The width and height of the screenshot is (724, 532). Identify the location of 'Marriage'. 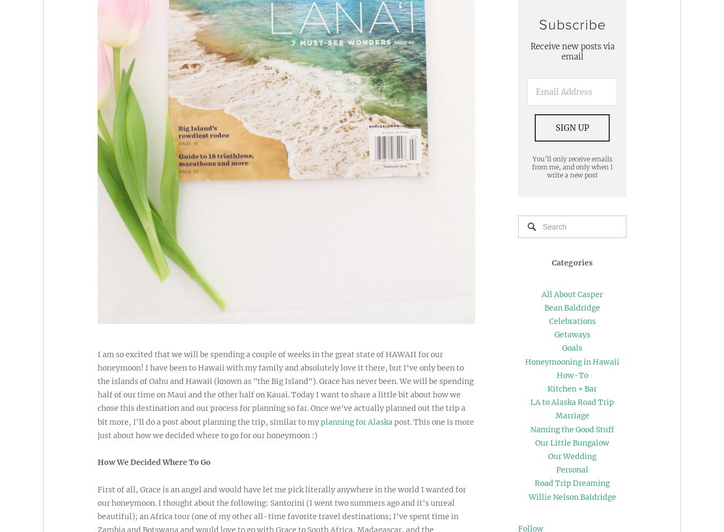
(572, 415).